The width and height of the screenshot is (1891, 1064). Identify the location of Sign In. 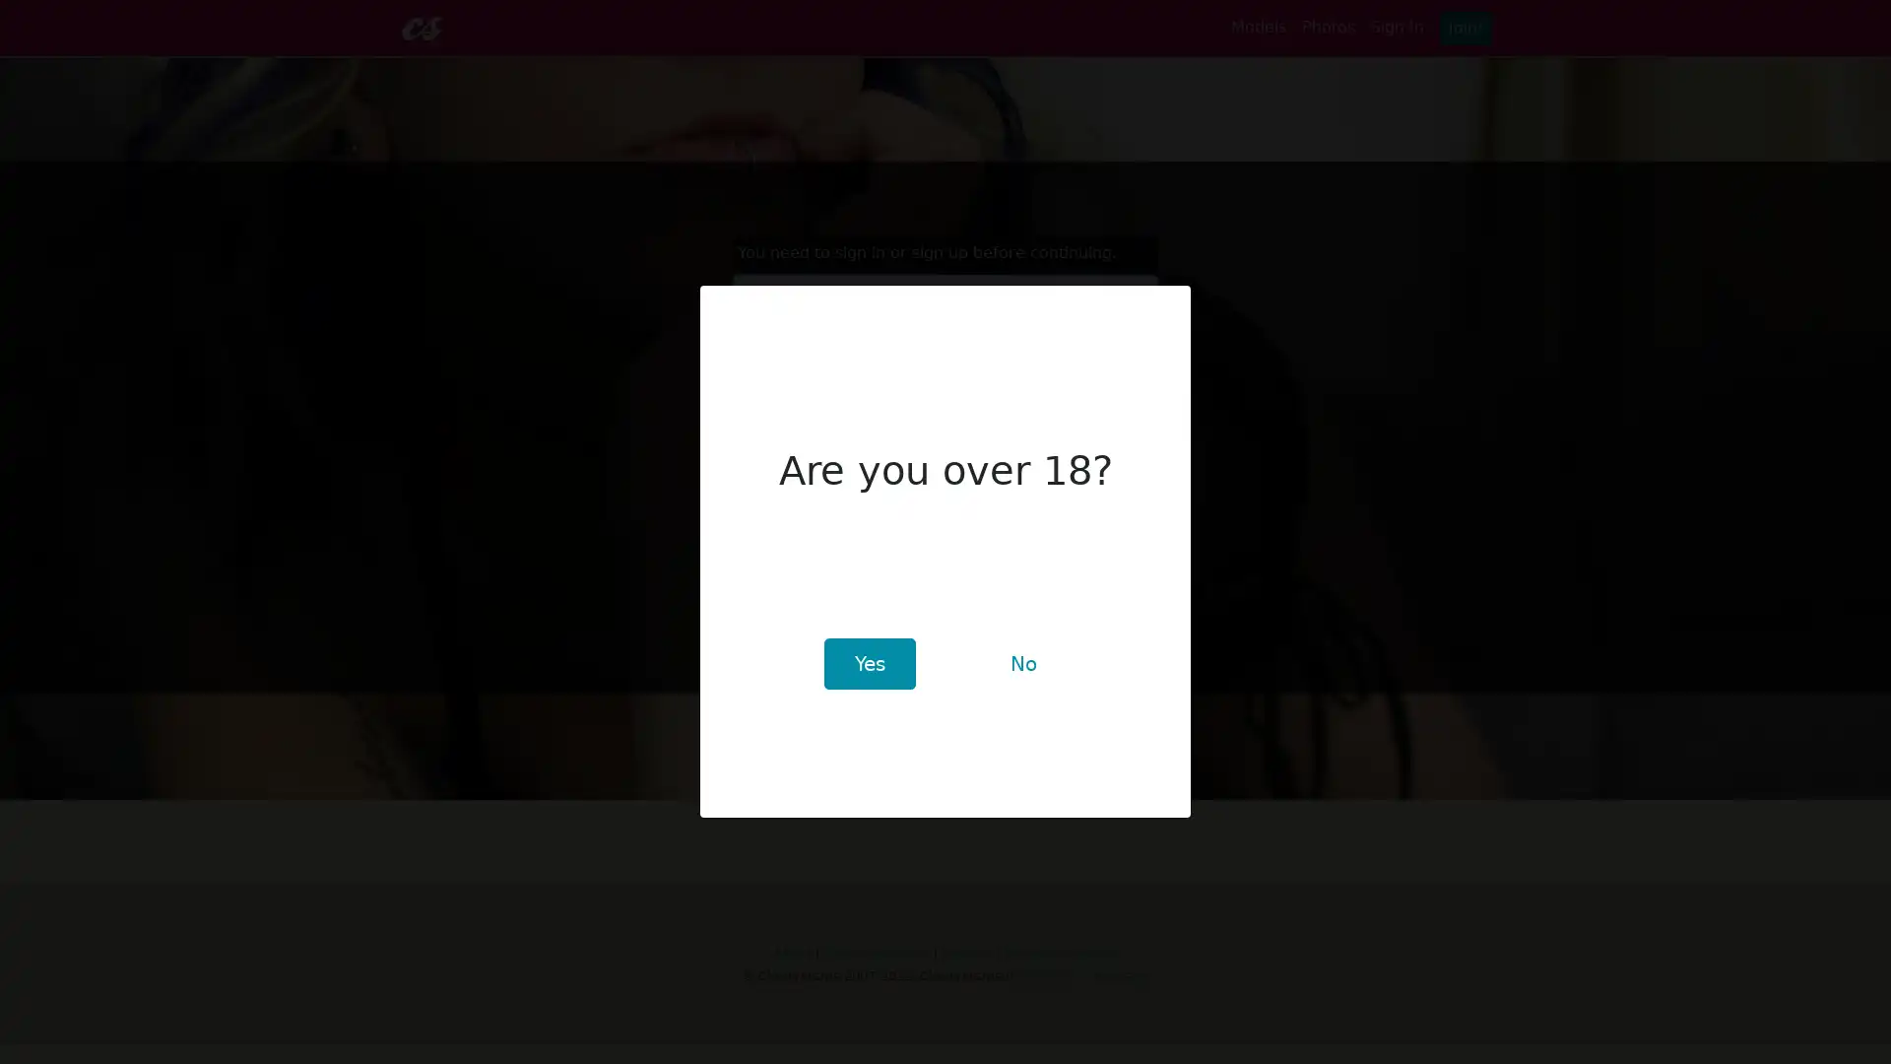
(770, 445).